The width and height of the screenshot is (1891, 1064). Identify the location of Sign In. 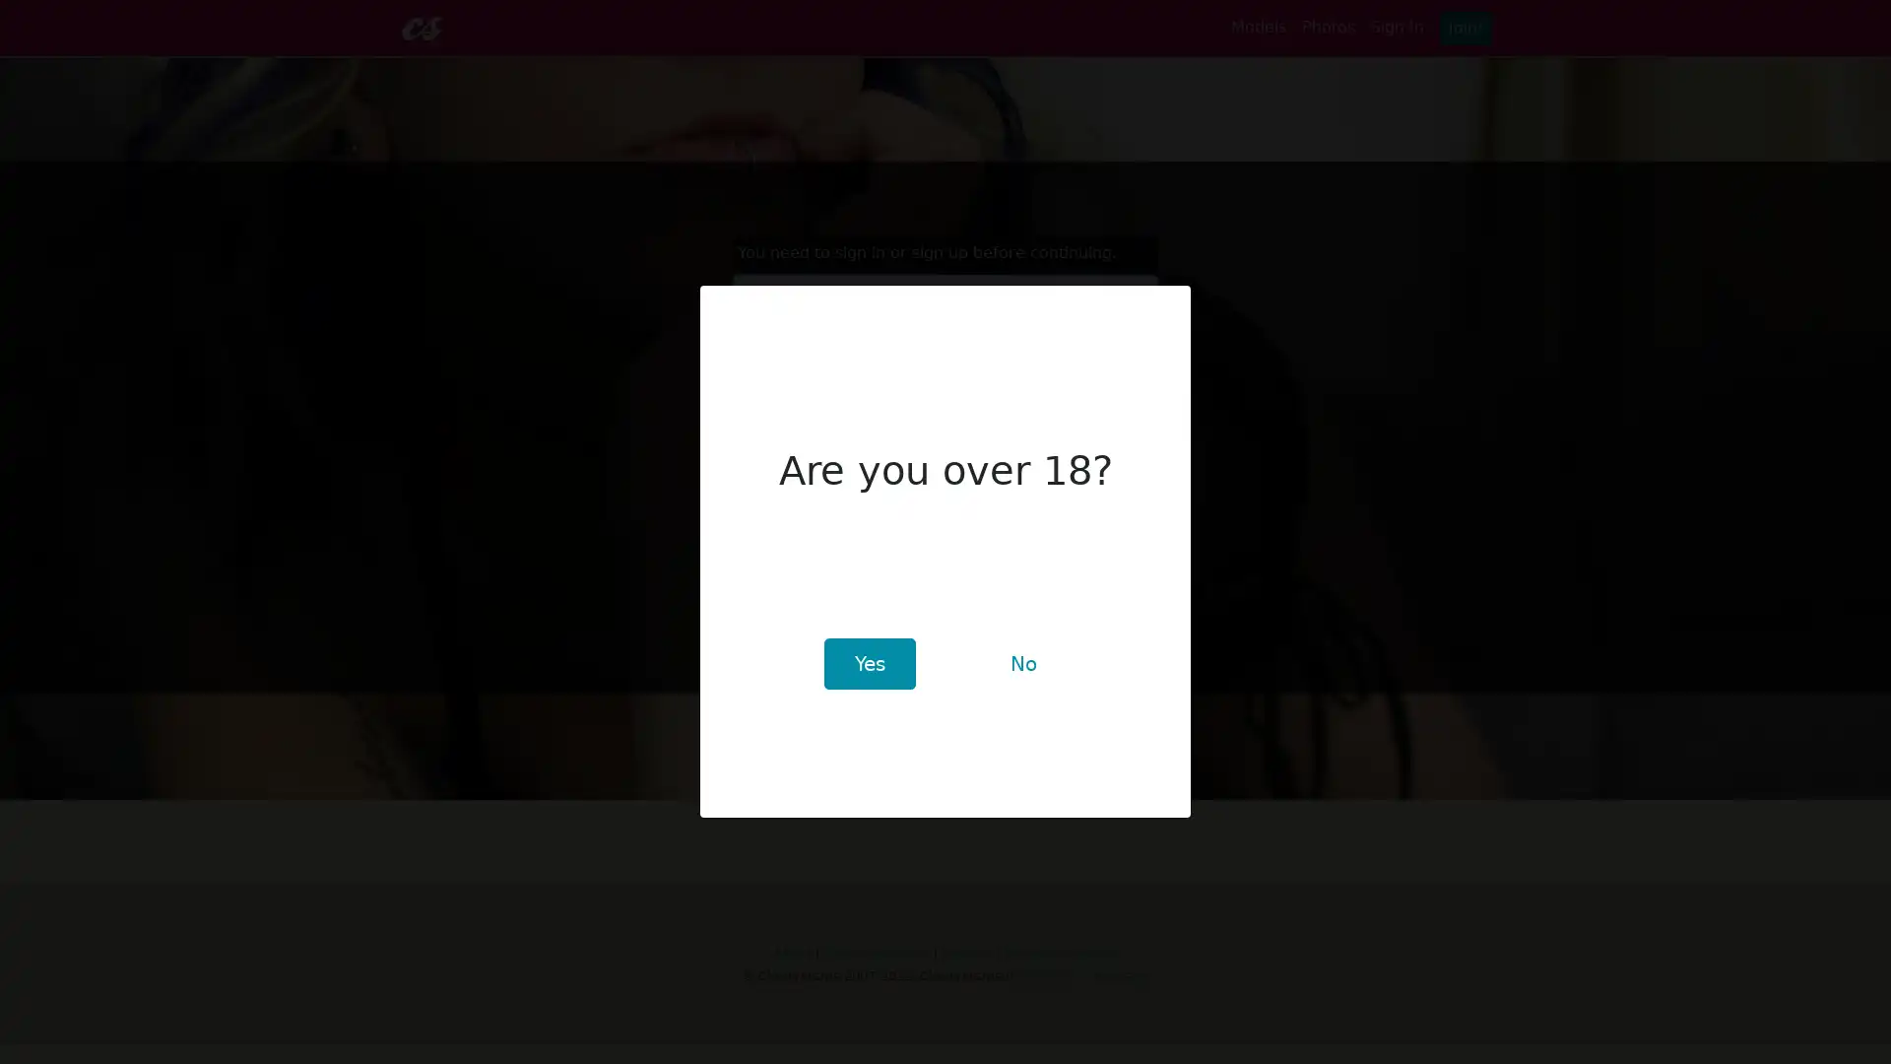
(770, 445).